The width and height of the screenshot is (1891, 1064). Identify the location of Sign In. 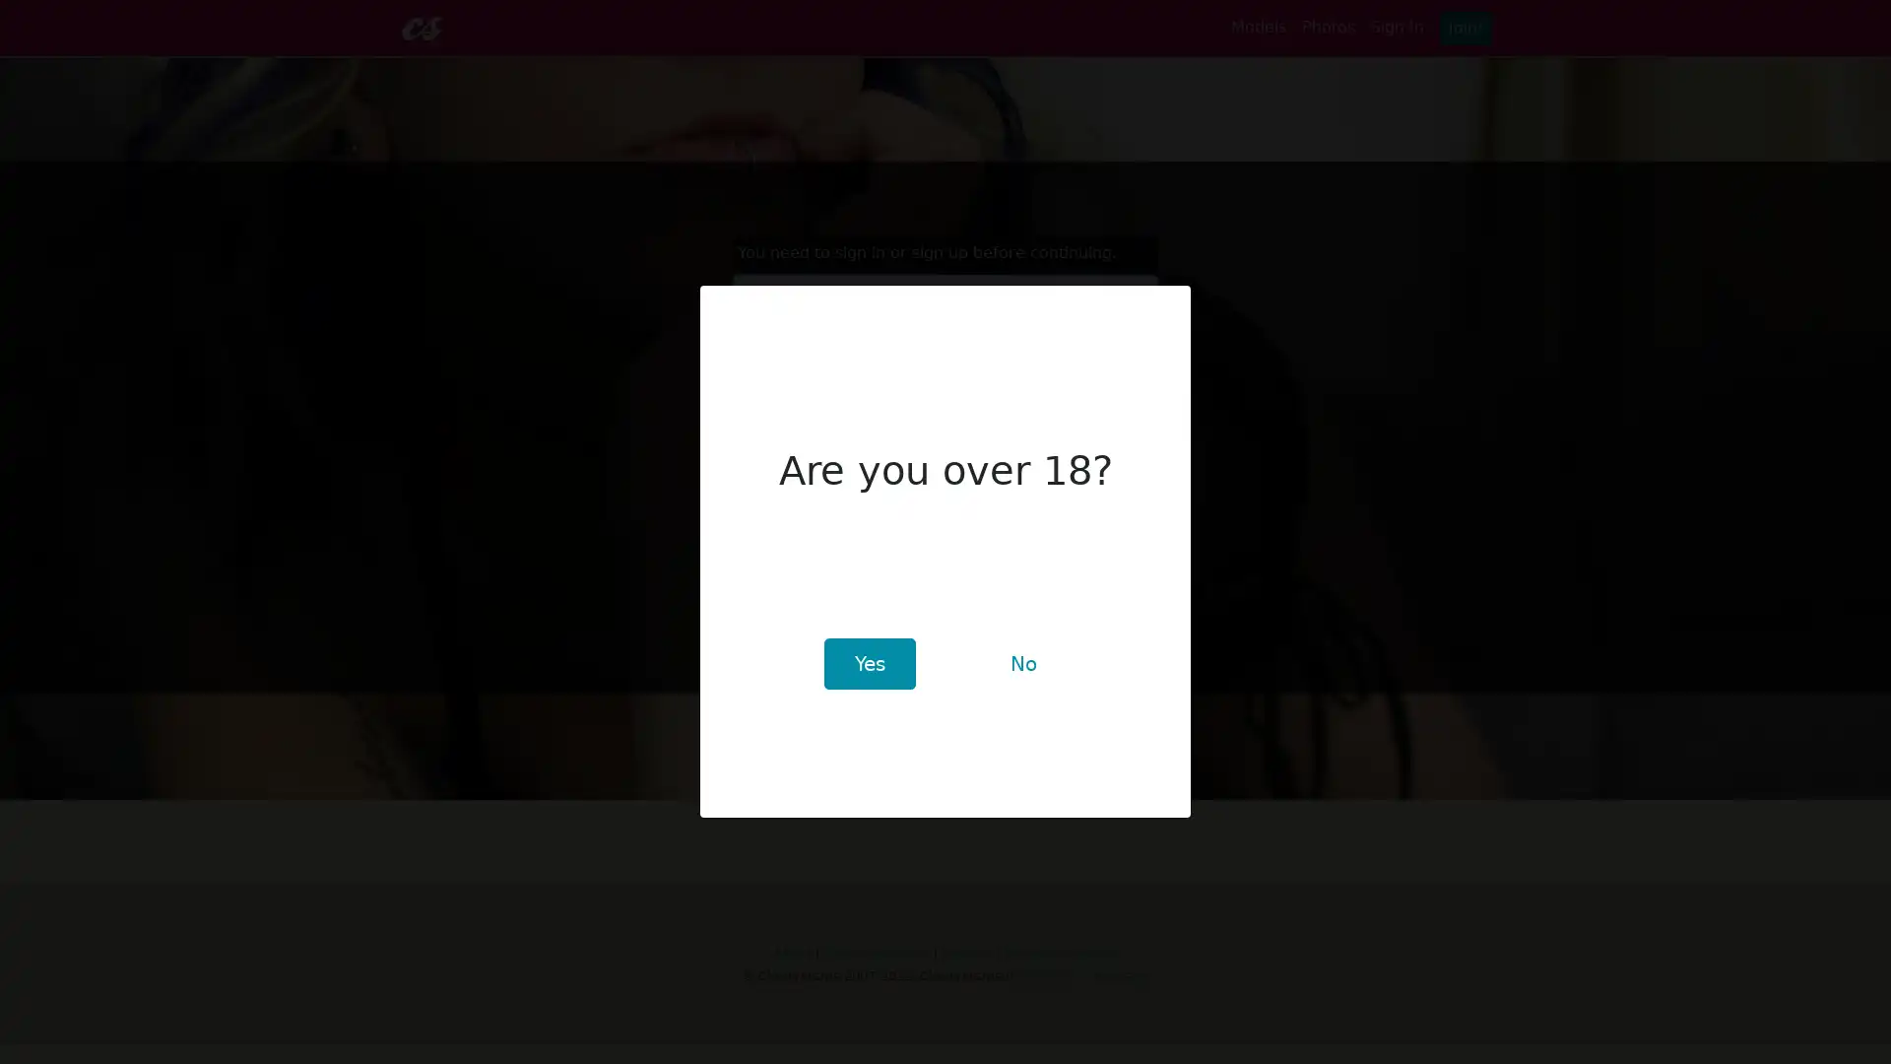
(770, 445).